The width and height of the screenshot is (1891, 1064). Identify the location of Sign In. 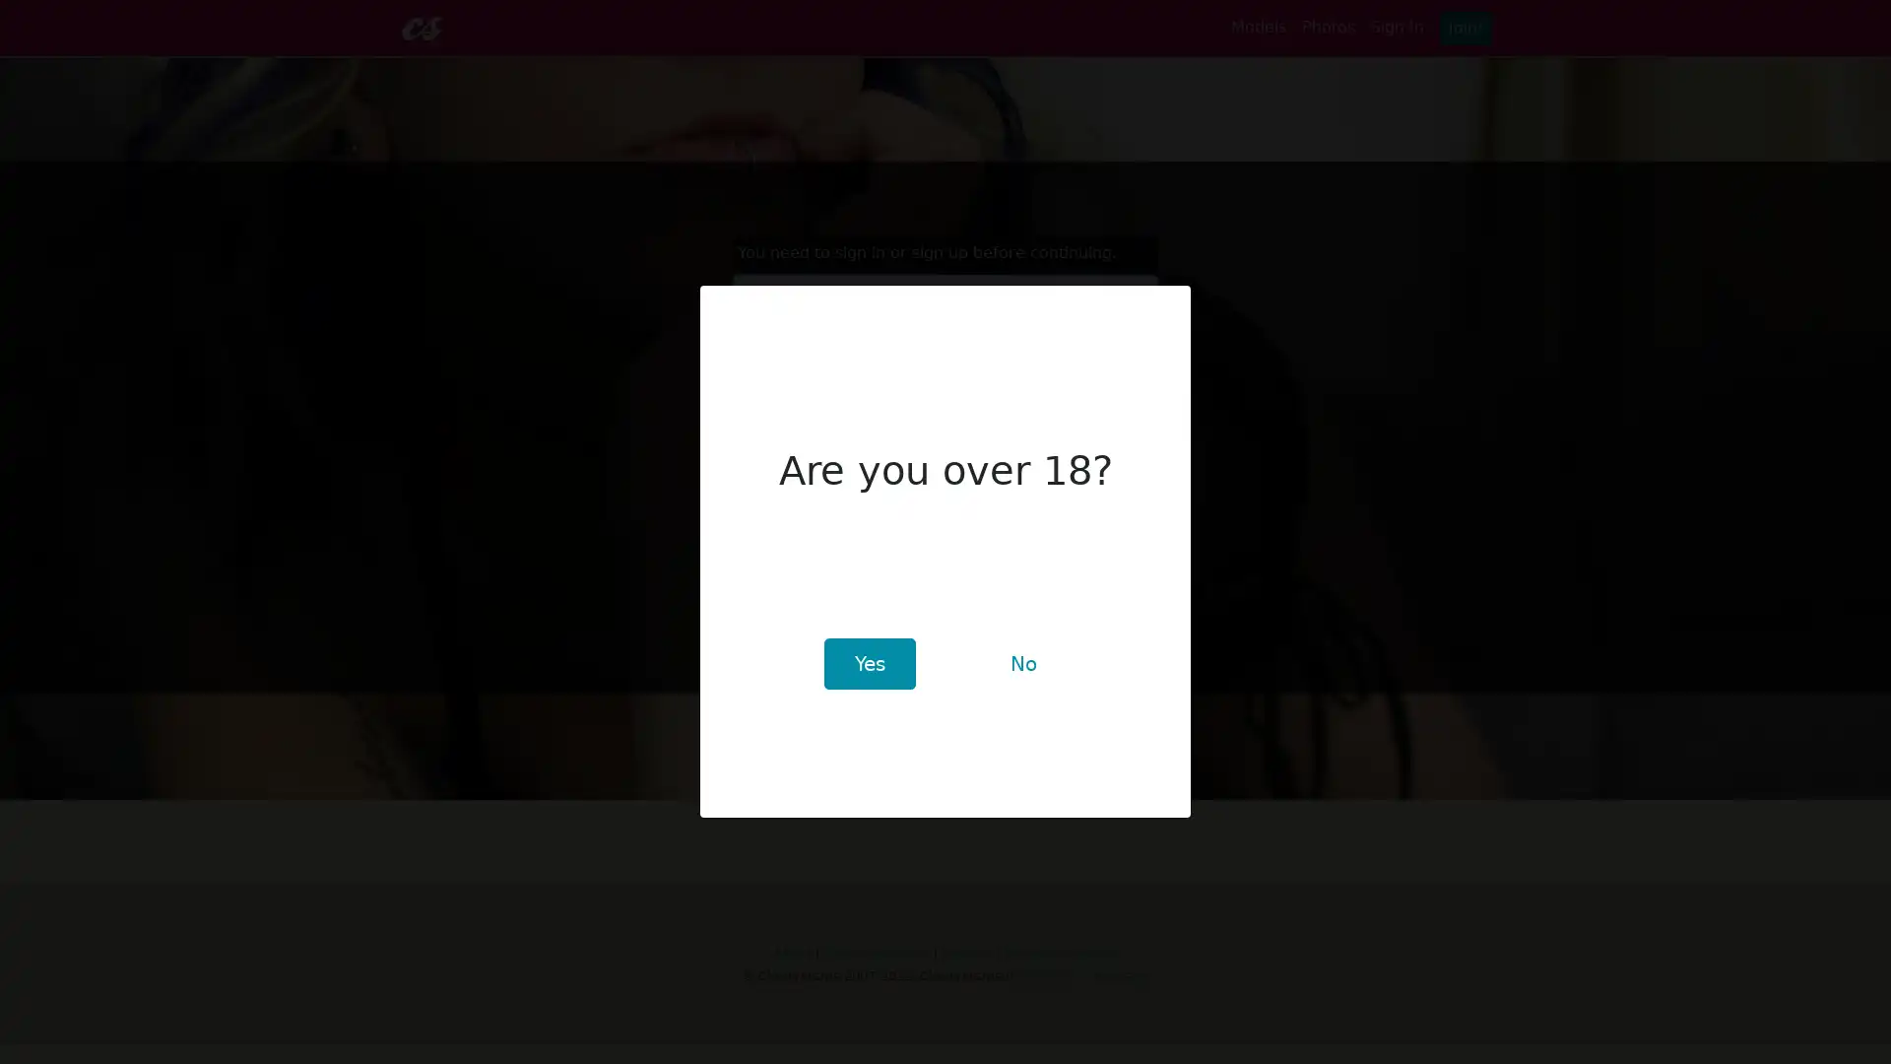
(770, 445).